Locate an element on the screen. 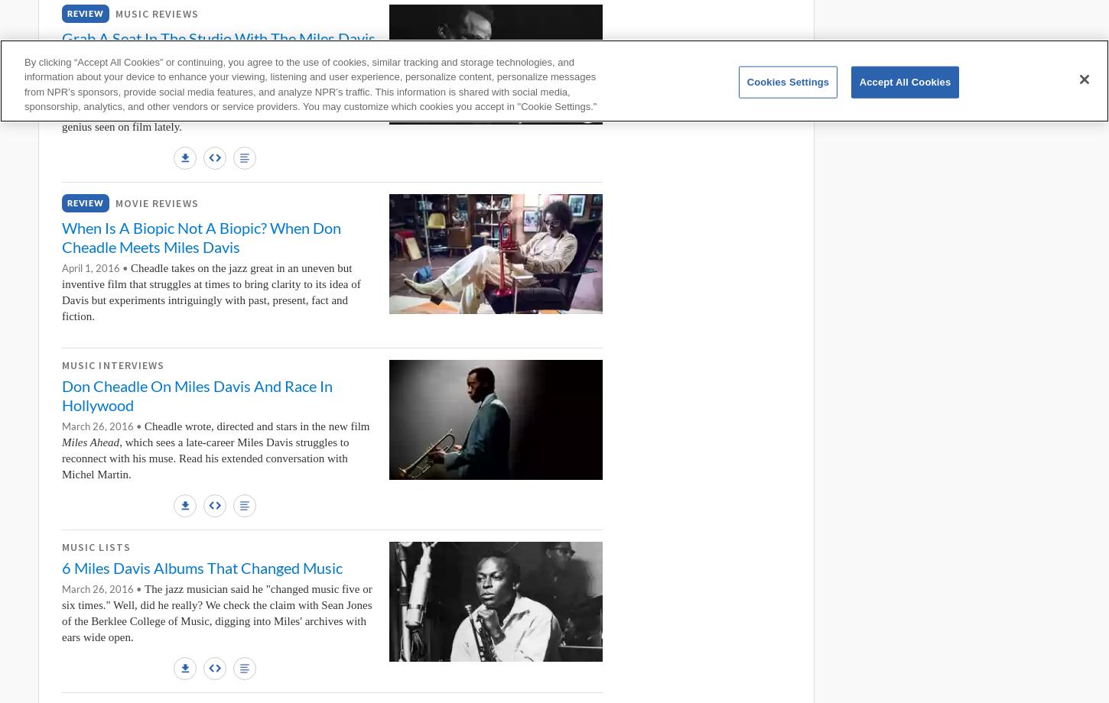 The height and width of the screenshot is (703, 1109). 'and' is located at coordinates (213, 93).